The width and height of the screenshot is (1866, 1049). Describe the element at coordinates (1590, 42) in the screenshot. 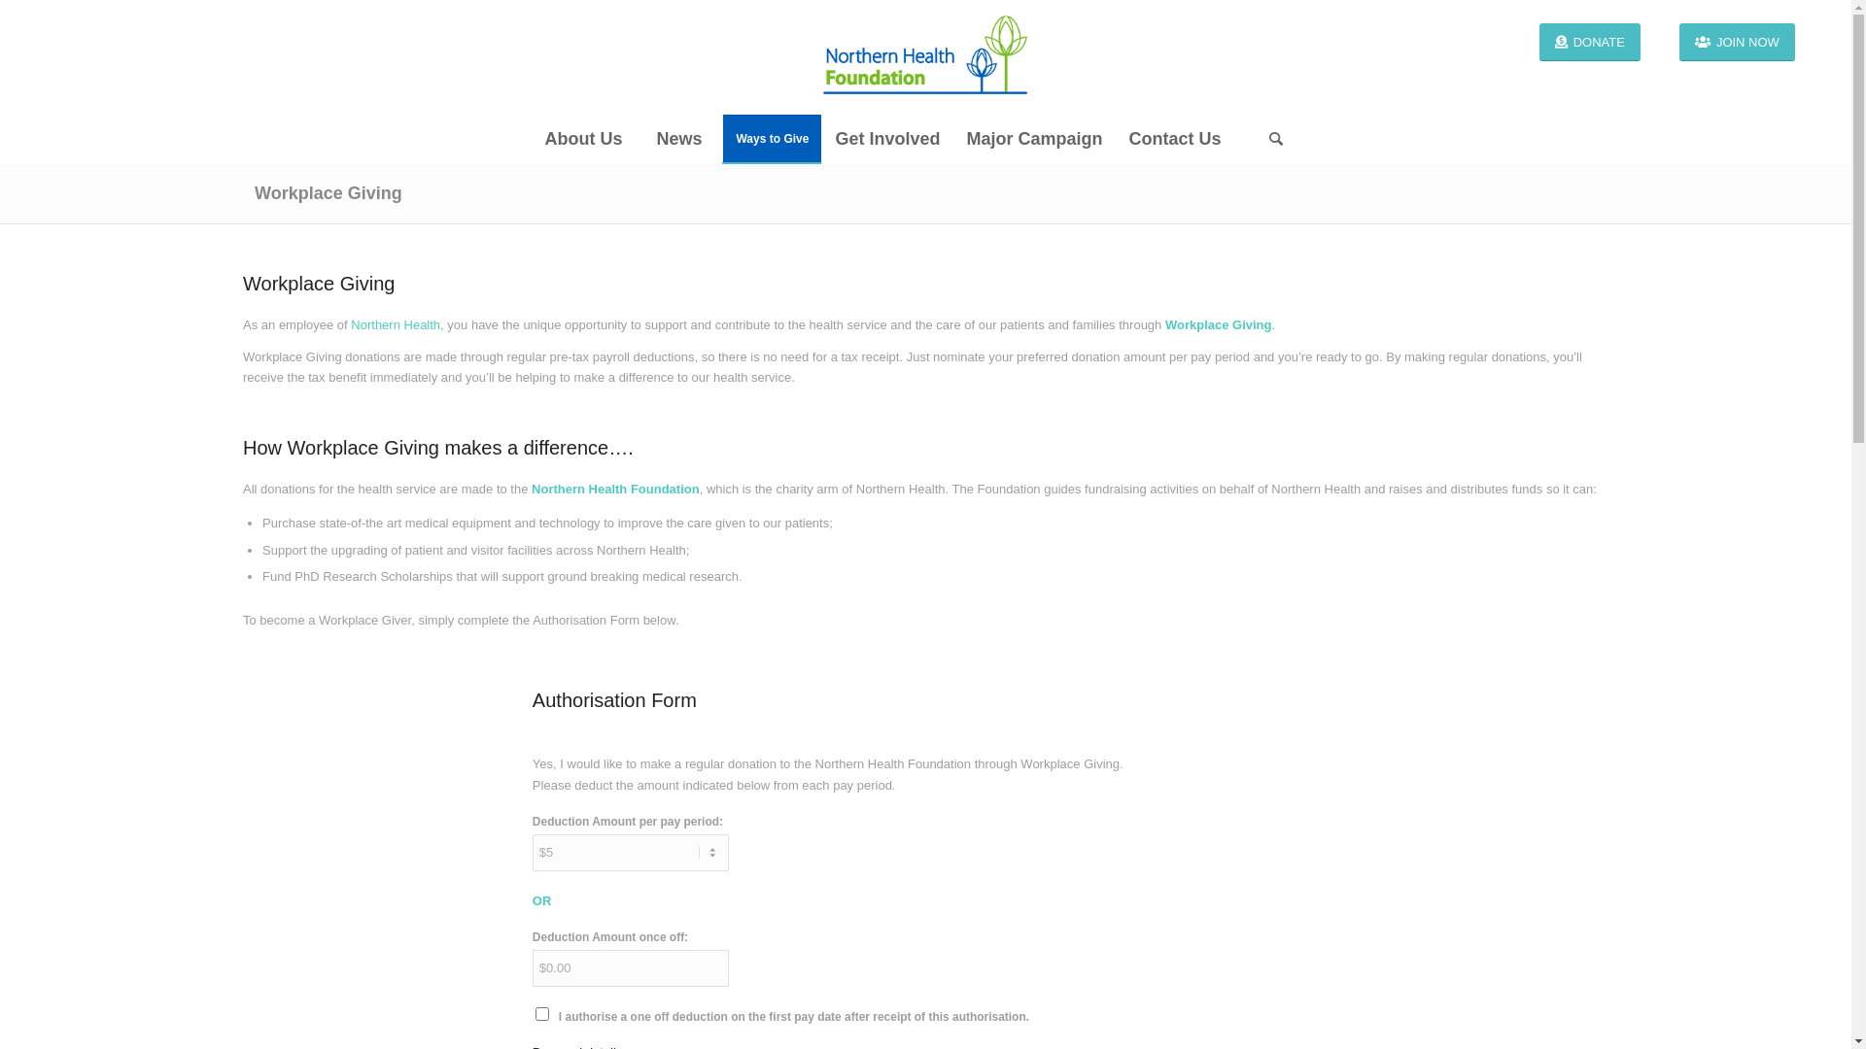

I see `'DONATE'` at that location.